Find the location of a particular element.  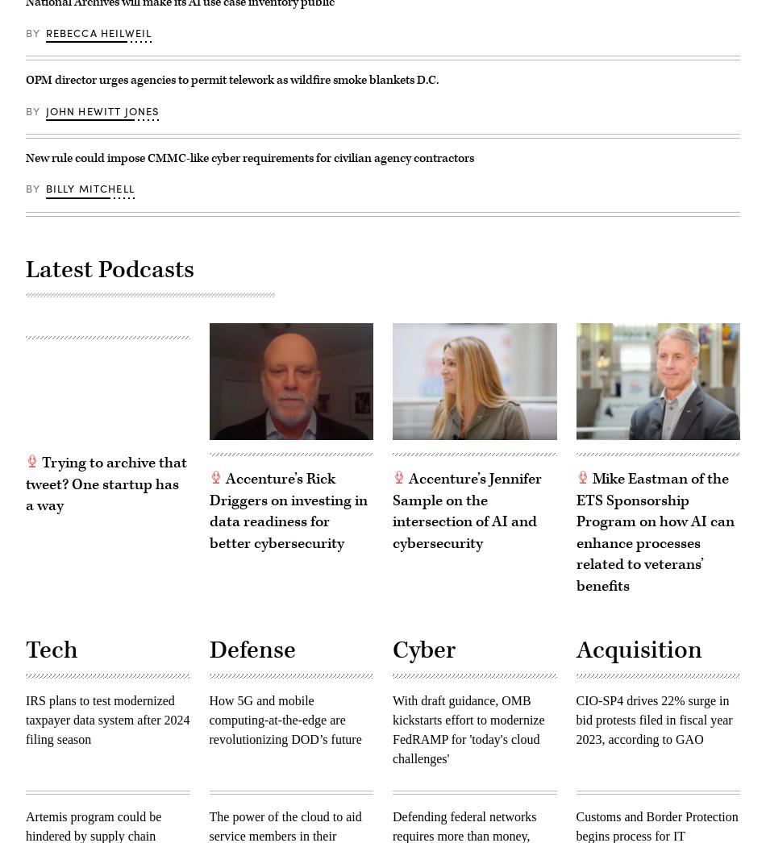

'Acquisition' is located at coordinates (638, 650).